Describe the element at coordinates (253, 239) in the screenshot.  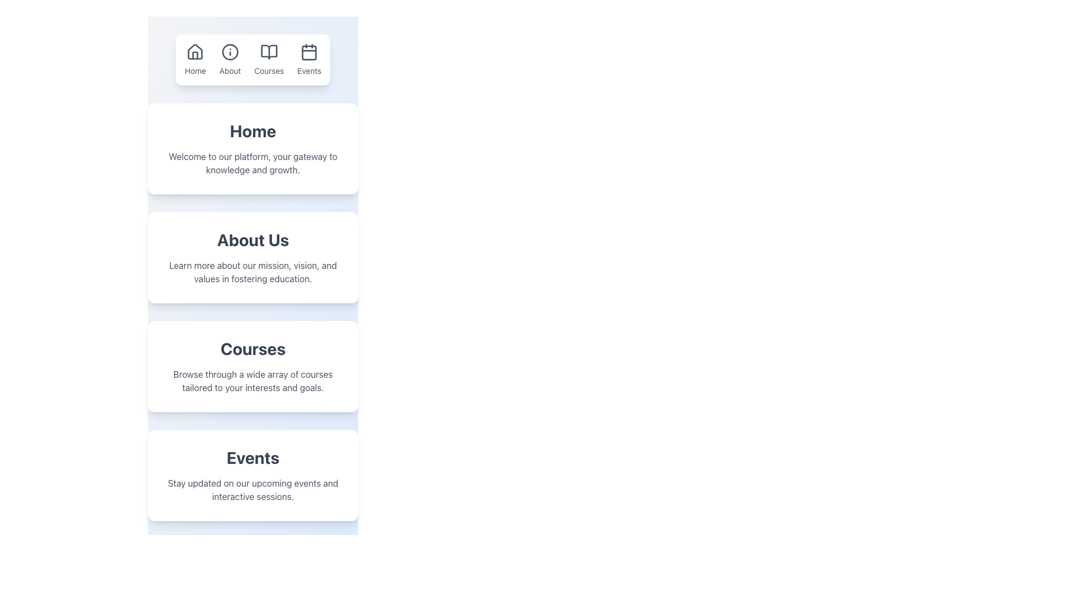
I see `the bolded 'About Us' text in the center of the section` at that location.